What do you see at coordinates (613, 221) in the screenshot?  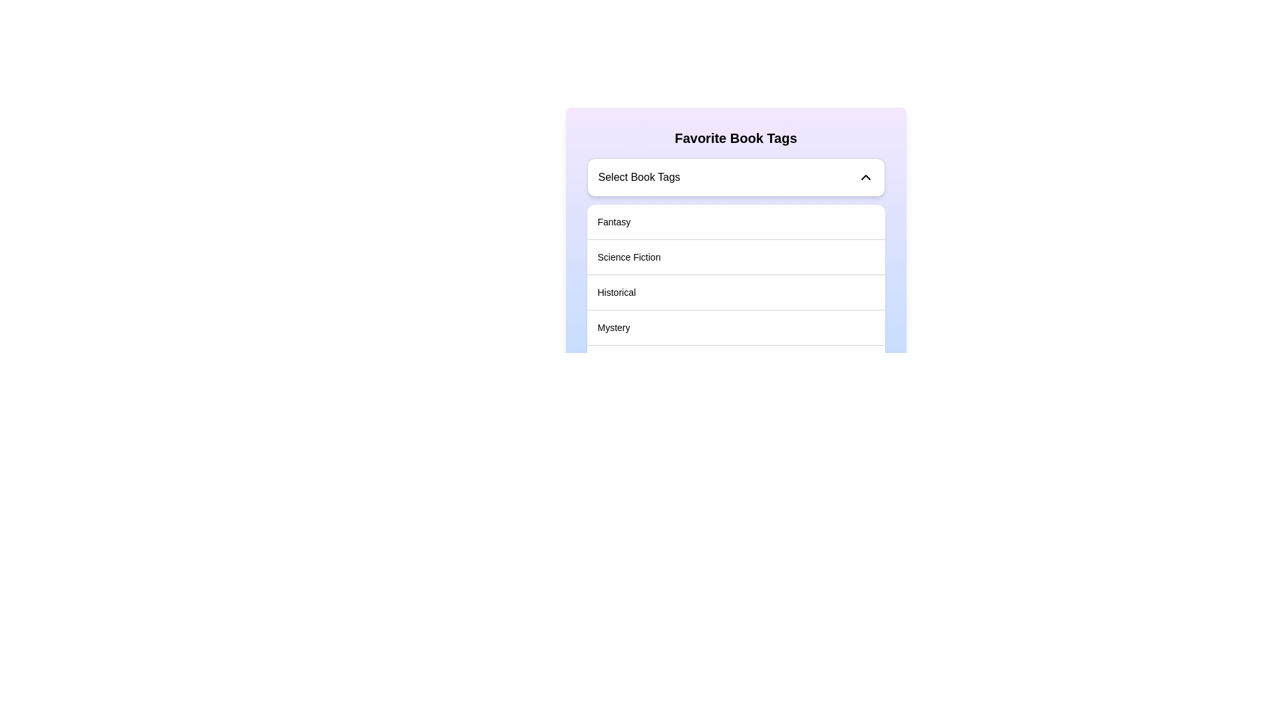 I see `the text label displaying 'Fantasy'` at bounding box center [613, 221].